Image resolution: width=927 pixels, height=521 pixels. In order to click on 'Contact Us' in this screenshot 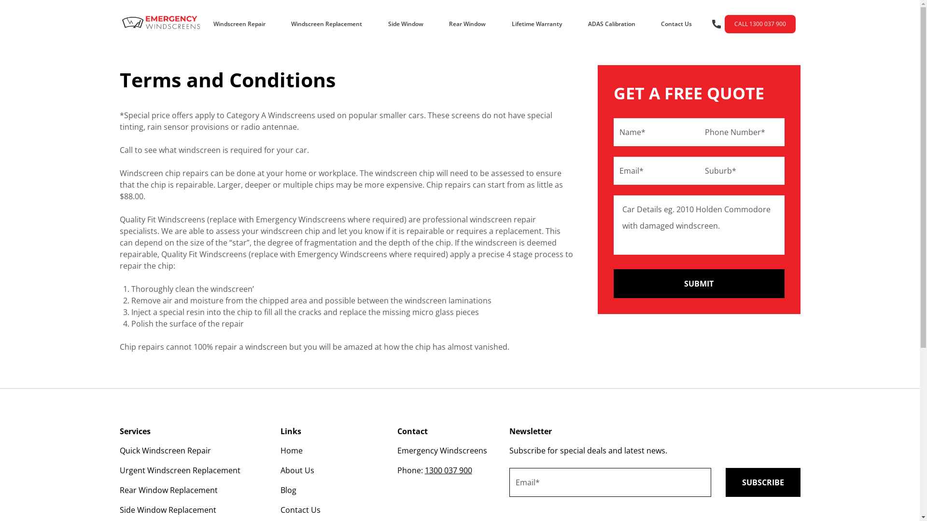, I will do `click(676, 24)`.